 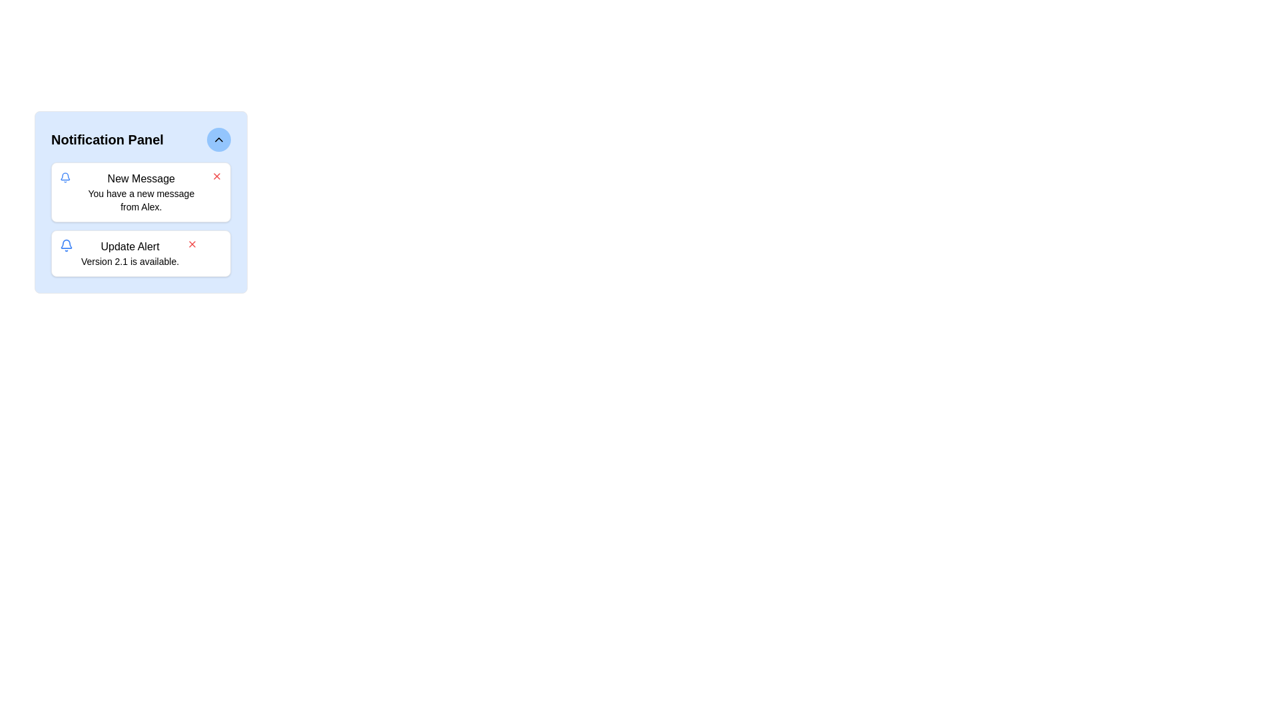 I want to click on the button in the upper right corner of the 'Update Alert' notification within the 'Notification Panel', so click(x=192, y=244).